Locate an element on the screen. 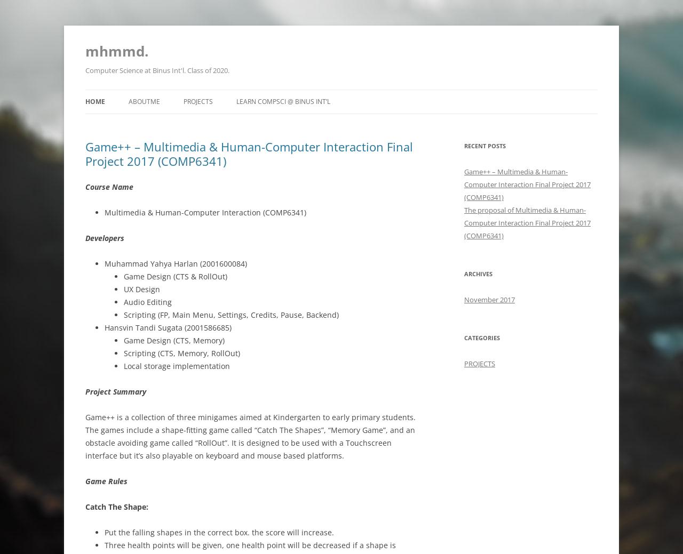  'Developers' is located at coordinates (105, 237).